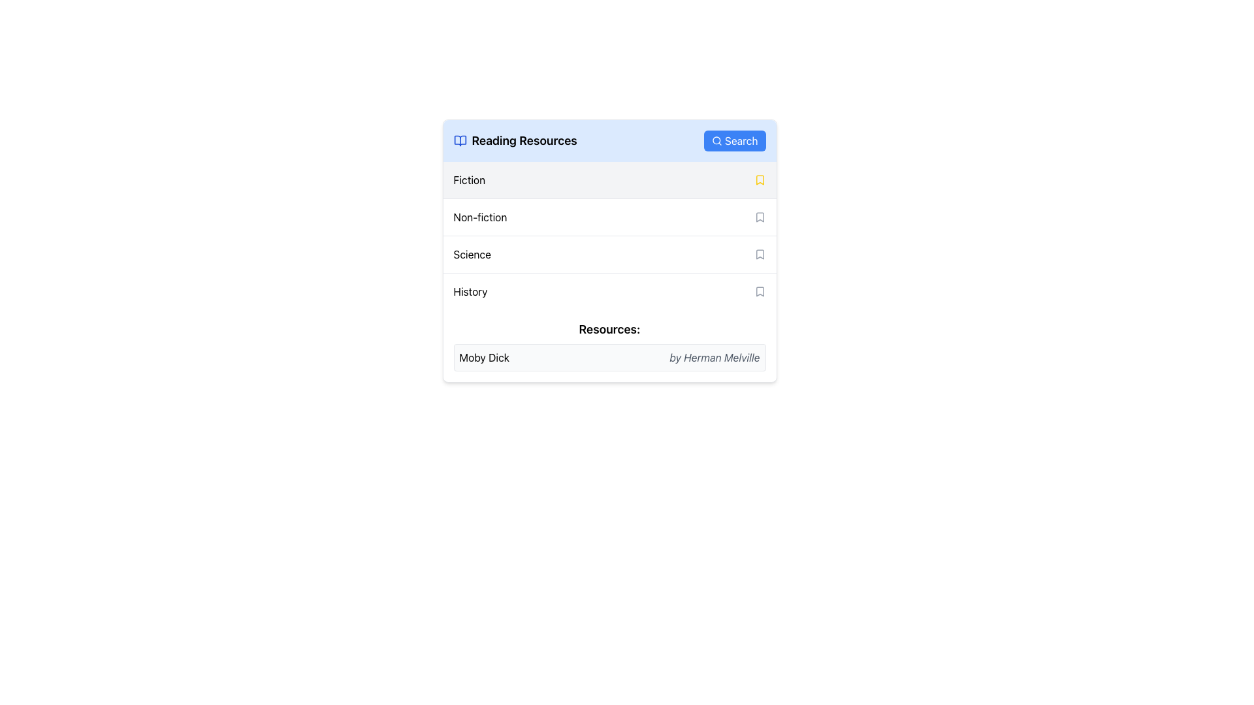 The image size is (1254, 705). I want to click on the decorative circle of the search magnifying glass icon located in the header of the 'Reading Resources' card near the 'Search' button, so click(716, 140).